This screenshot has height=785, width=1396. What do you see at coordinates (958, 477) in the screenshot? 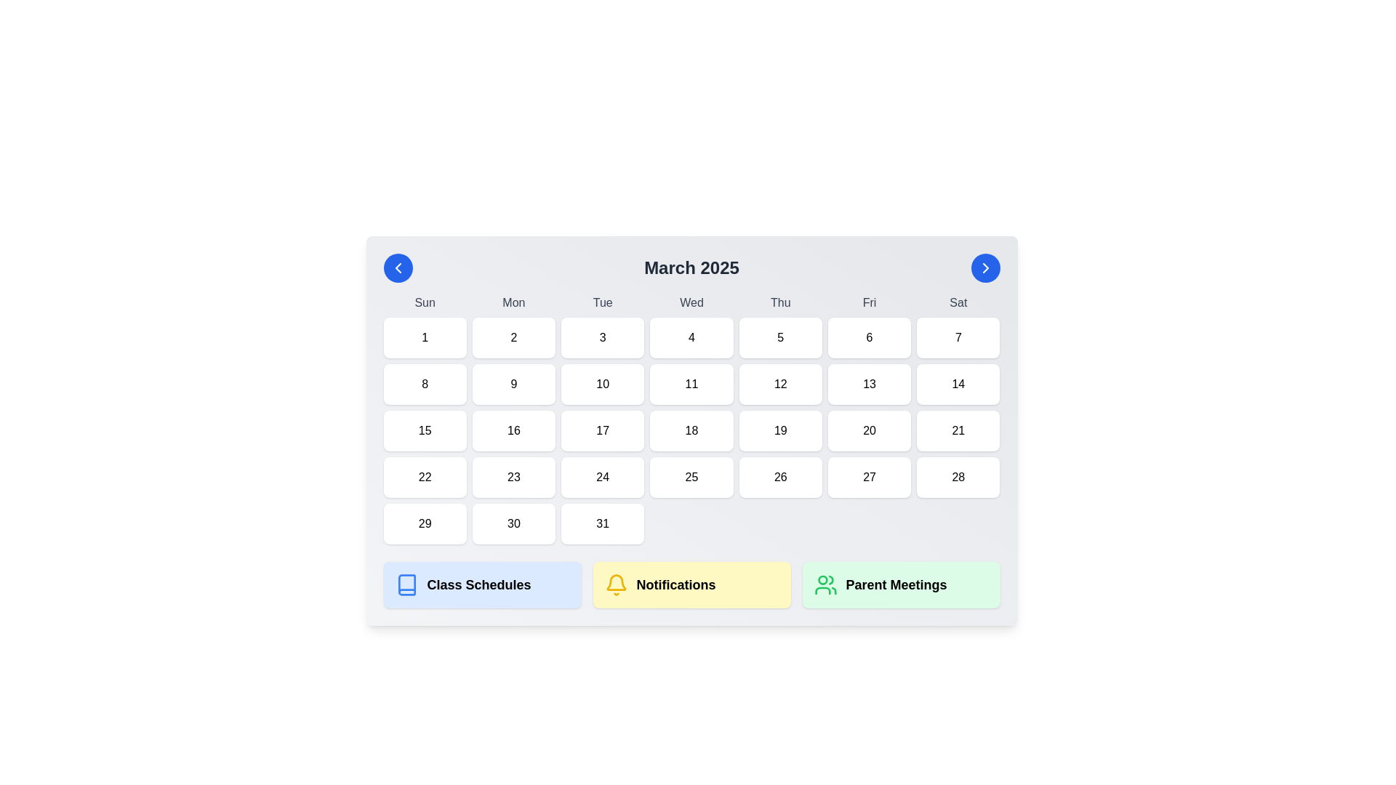
I see `the white rectangular Static Text Button displaying the number '28' located in the last column of the fifth row of the calendar grid` at bounding box center [958, 477].